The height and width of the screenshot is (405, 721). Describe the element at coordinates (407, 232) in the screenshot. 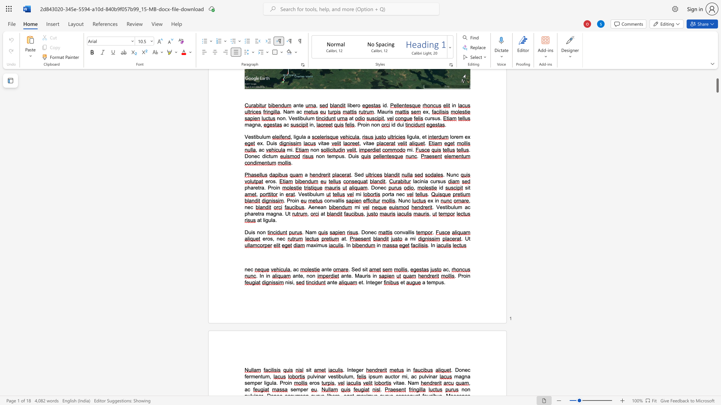

I see `the space between the continuous character "a" and "l" in the text` at that location.